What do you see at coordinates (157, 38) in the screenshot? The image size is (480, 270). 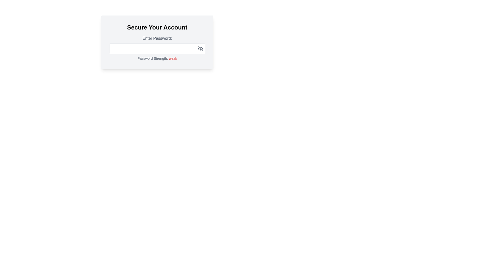 I see `the text label that guides the user to the password input field, positioned below the title 'Secure Your Account'` at bounding box center [157, 38].